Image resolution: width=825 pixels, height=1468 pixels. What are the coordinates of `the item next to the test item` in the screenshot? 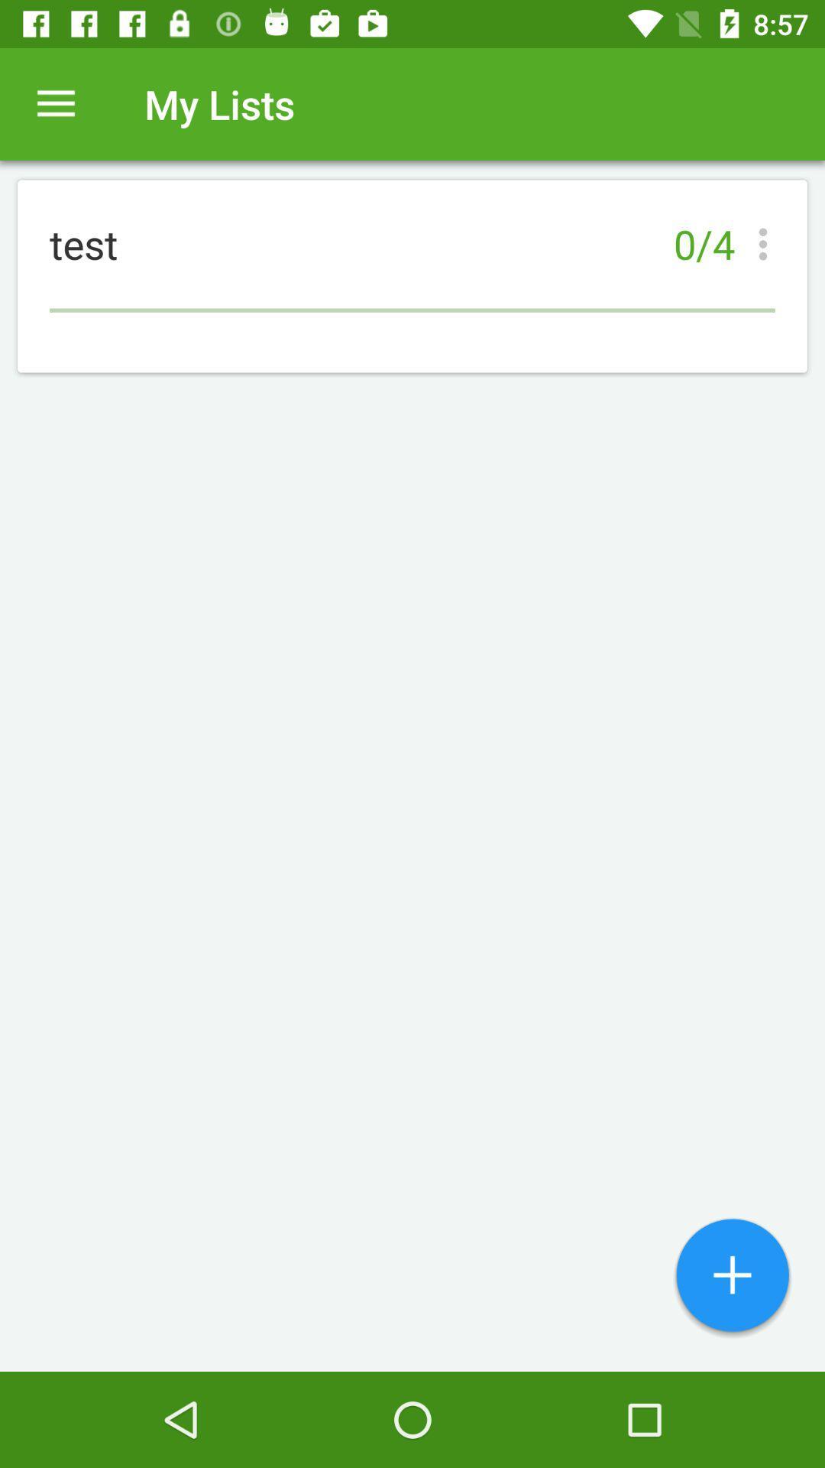 It's located at (767, 243).